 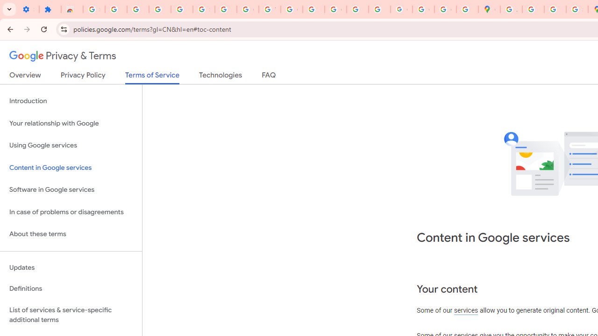 I want to click on 'Google Maps', so click(x=489, y=9).